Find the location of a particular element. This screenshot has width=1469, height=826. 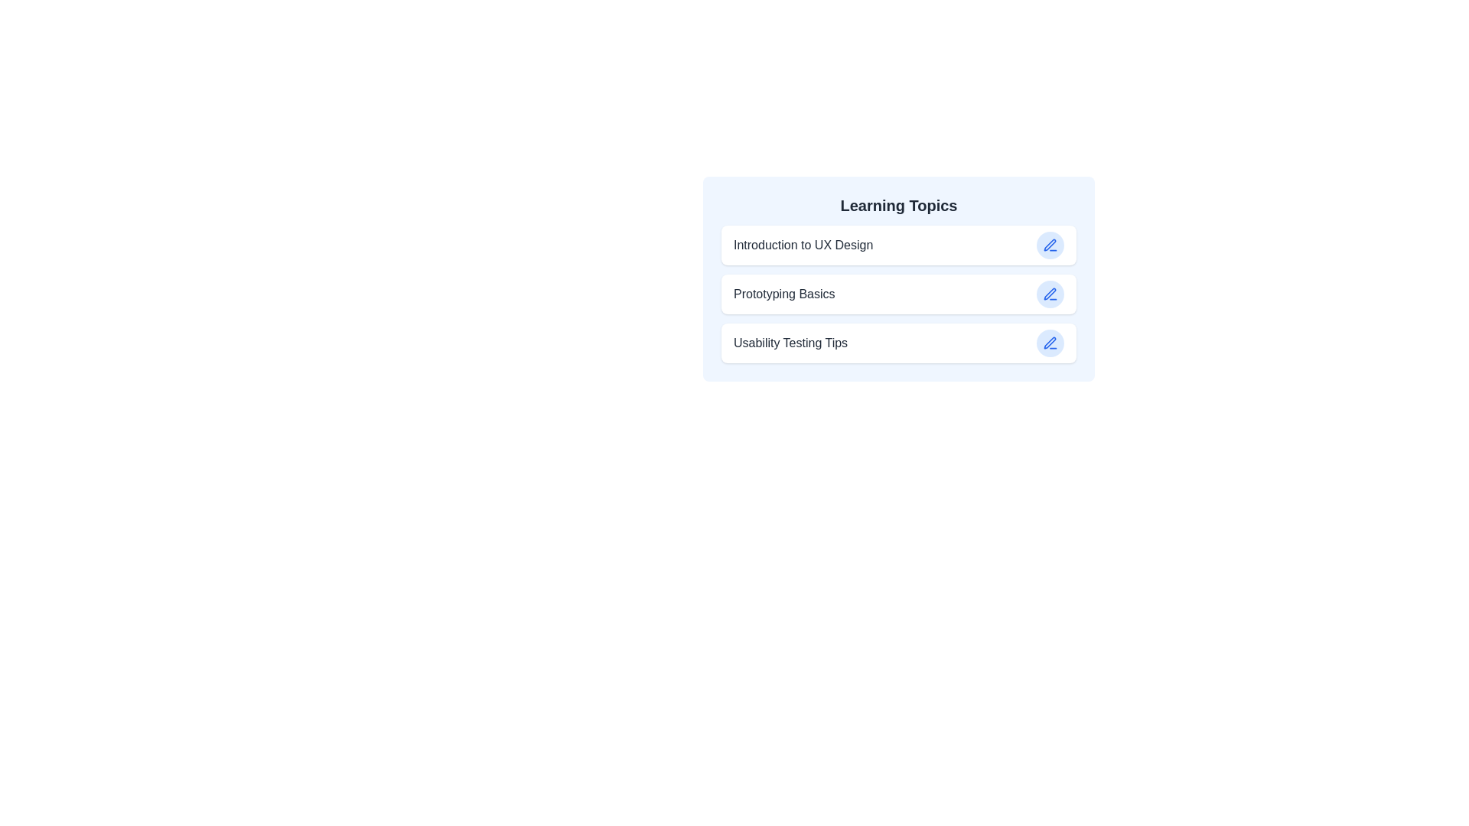

the title of the item Usability Testing Tips is located at coordinates (790, 342).